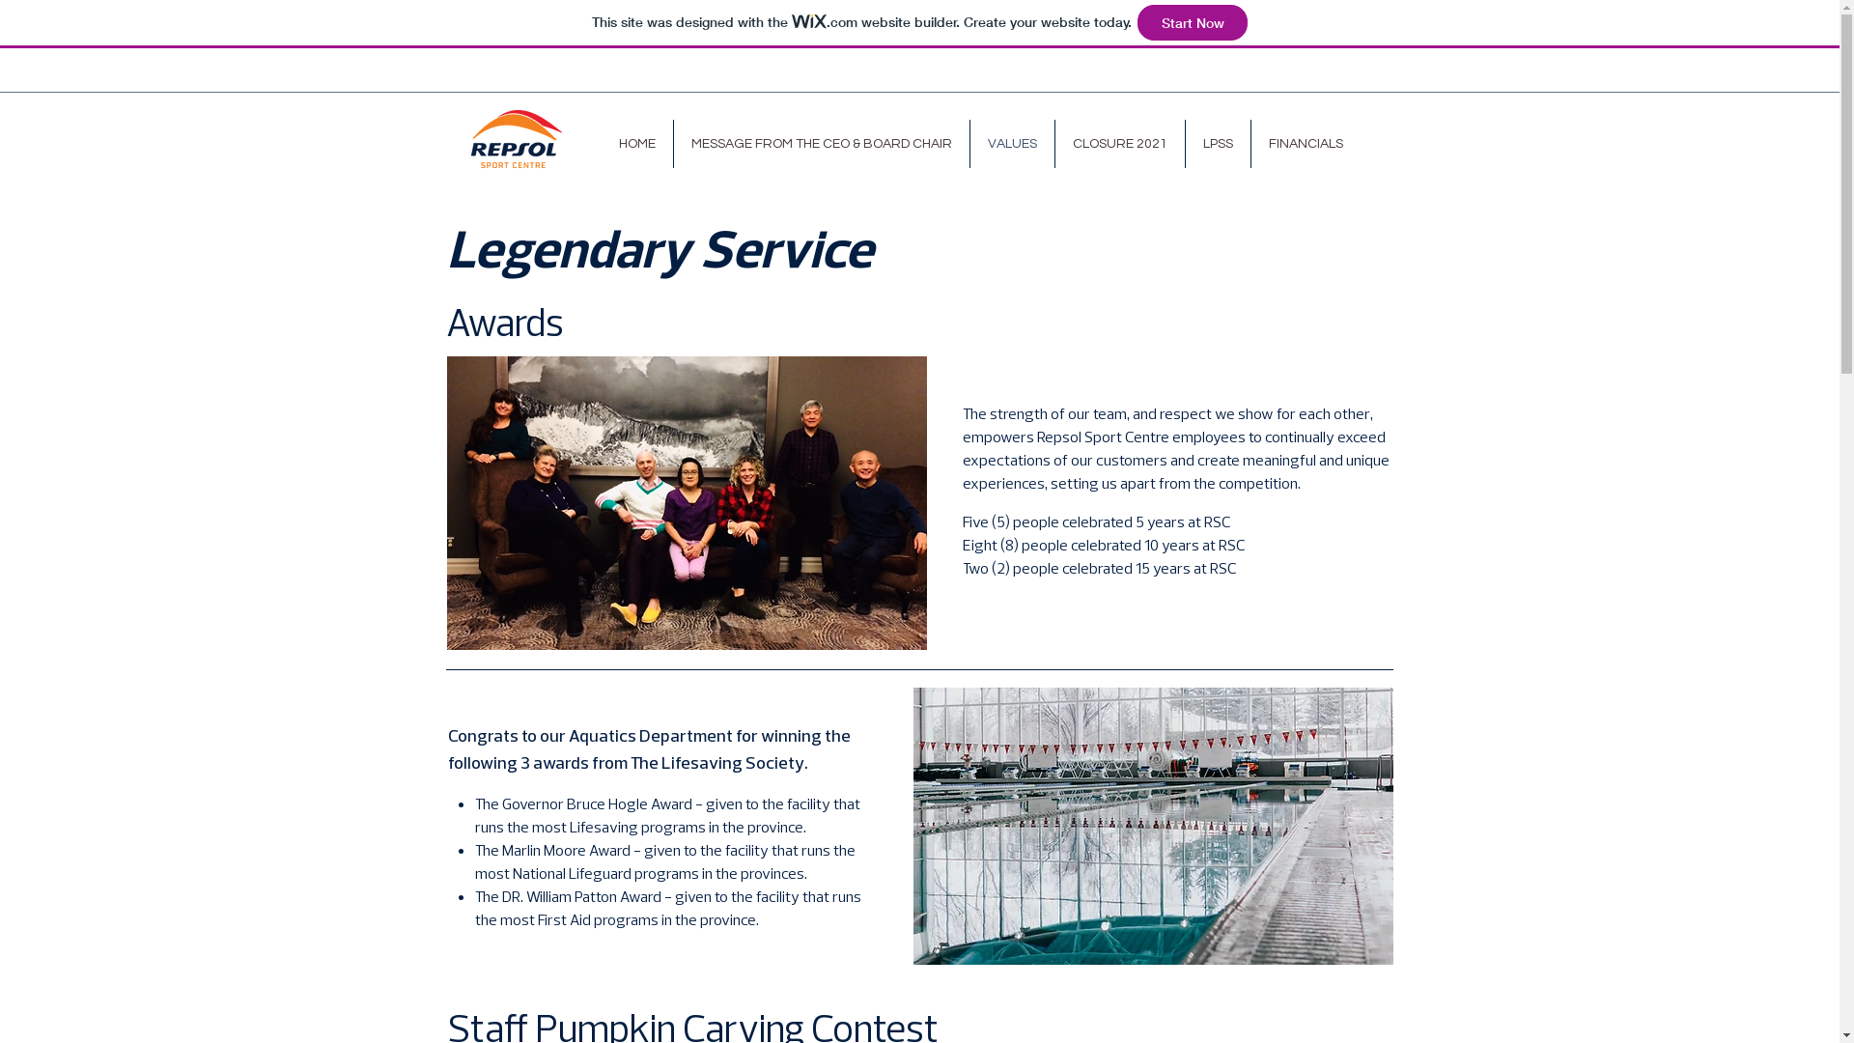 The width and height of the screenshot is (1854, 1043). Describe the element at coordinates (1010, 143) in the screenshot. I see `'VALUES'` at that location.